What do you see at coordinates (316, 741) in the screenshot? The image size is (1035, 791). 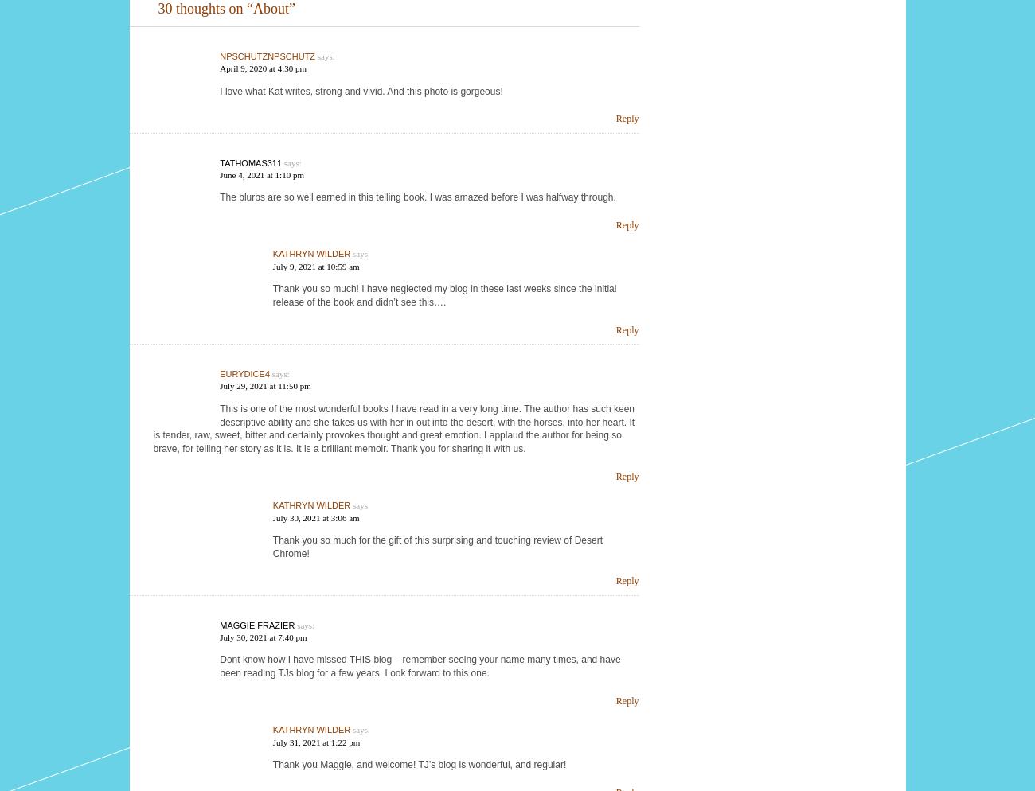 I see `'July 31, 2021 at 1:22 pm'` at bounding box center [316, 741].